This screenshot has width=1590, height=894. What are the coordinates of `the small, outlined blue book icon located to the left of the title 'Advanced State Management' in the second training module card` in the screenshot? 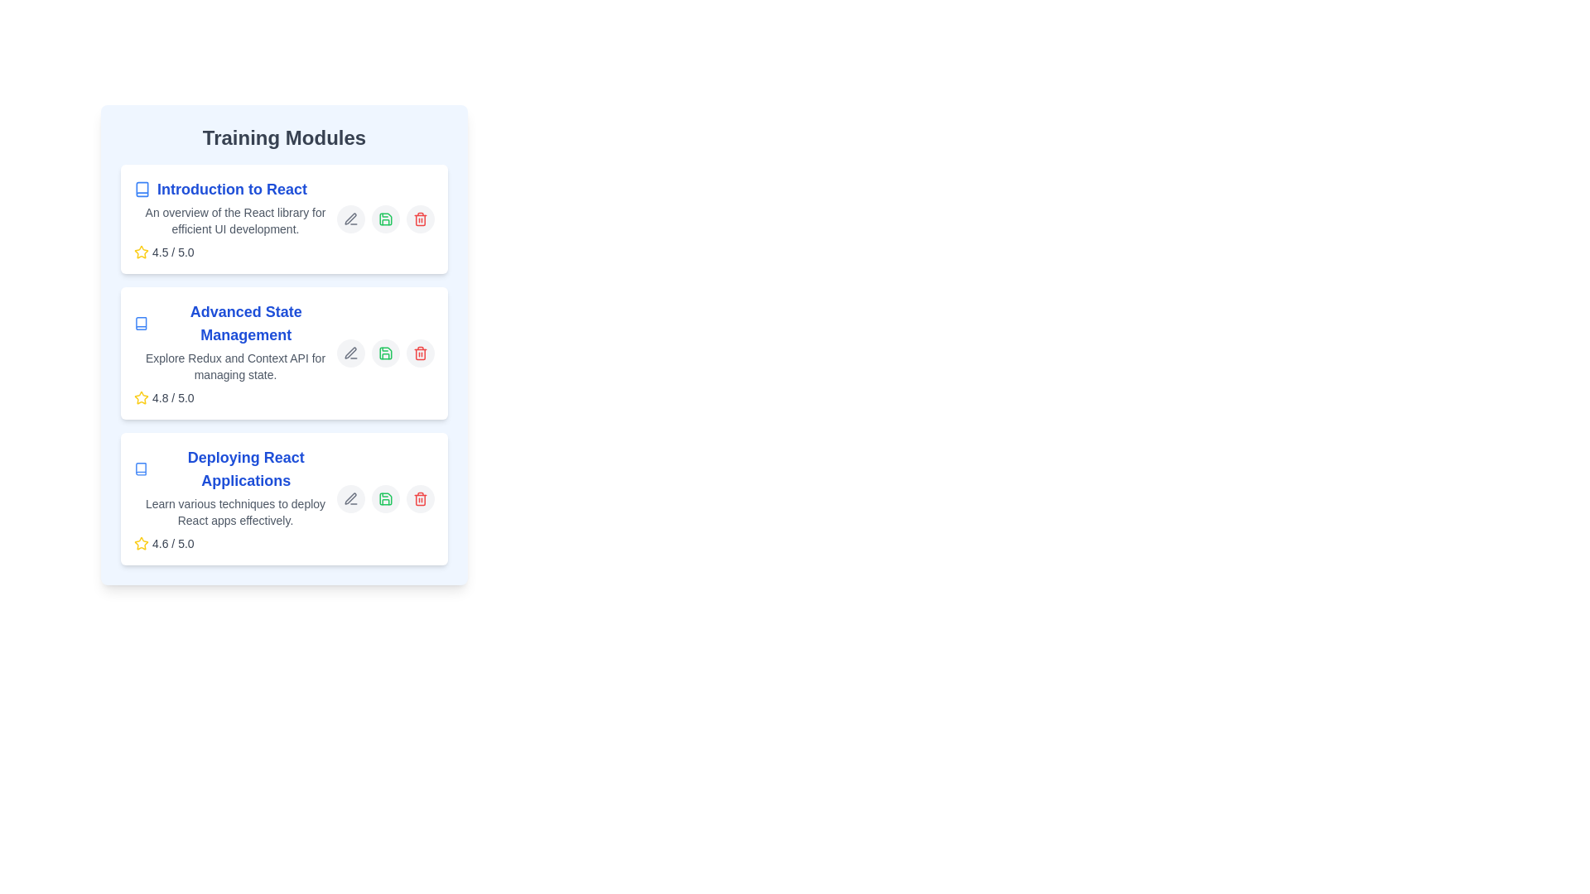 It's located at (141, 323).